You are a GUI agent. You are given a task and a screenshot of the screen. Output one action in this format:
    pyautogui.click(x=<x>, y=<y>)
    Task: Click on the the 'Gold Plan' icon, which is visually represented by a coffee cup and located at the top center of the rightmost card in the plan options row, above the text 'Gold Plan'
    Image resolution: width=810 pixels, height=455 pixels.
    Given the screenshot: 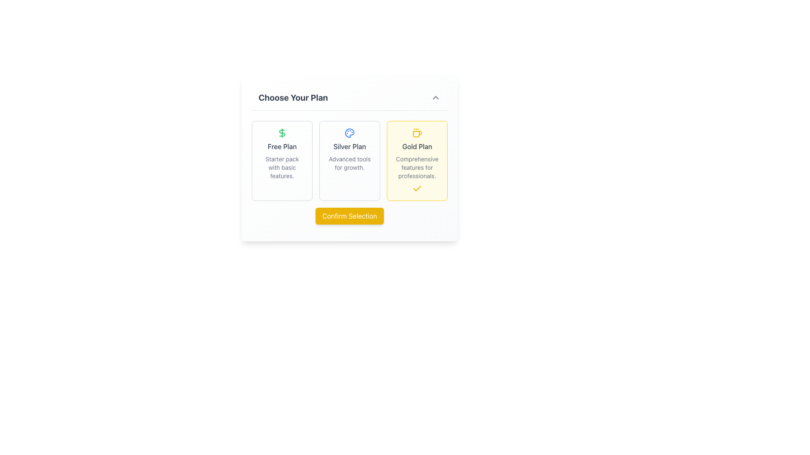 What is the action you would take?
    pyautogui.click(x=417, y=133)
    